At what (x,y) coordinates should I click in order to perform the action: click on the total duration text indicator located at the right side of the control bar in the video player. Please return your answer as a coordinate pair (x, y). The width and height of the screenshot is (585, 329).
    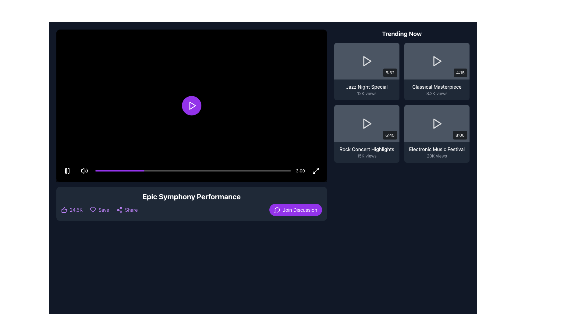
    Looking at the image, I should click on (191, 171).